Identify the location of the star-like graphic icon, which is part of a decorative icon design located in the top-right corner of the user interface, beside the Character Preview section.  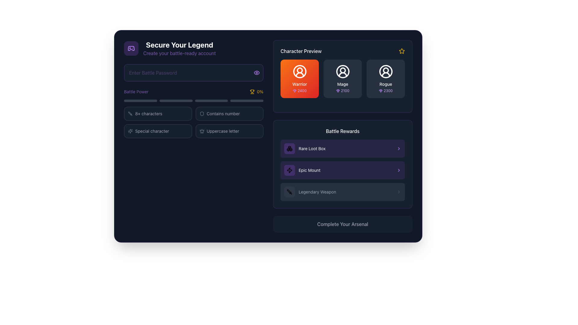
(130, 131).